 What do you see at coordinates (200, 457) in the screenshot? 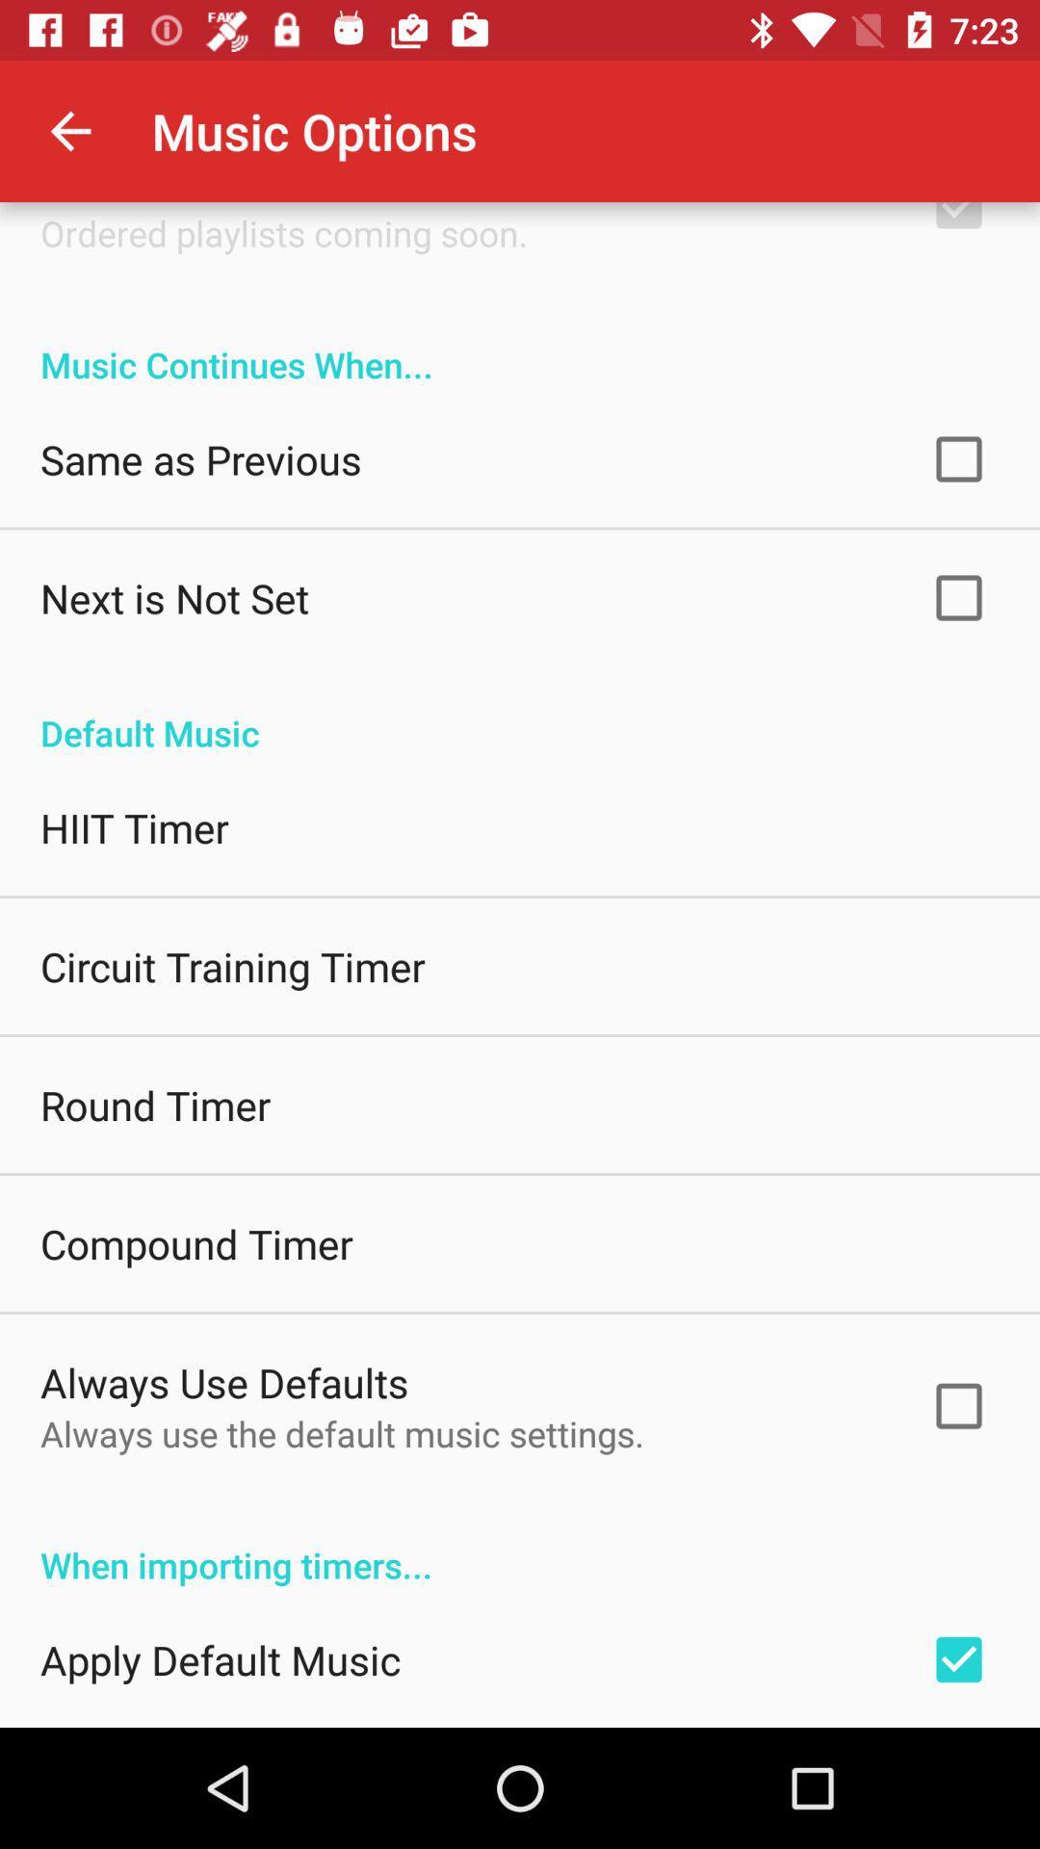
I see `the item above next is not icon` at bounding box center [200, 457].